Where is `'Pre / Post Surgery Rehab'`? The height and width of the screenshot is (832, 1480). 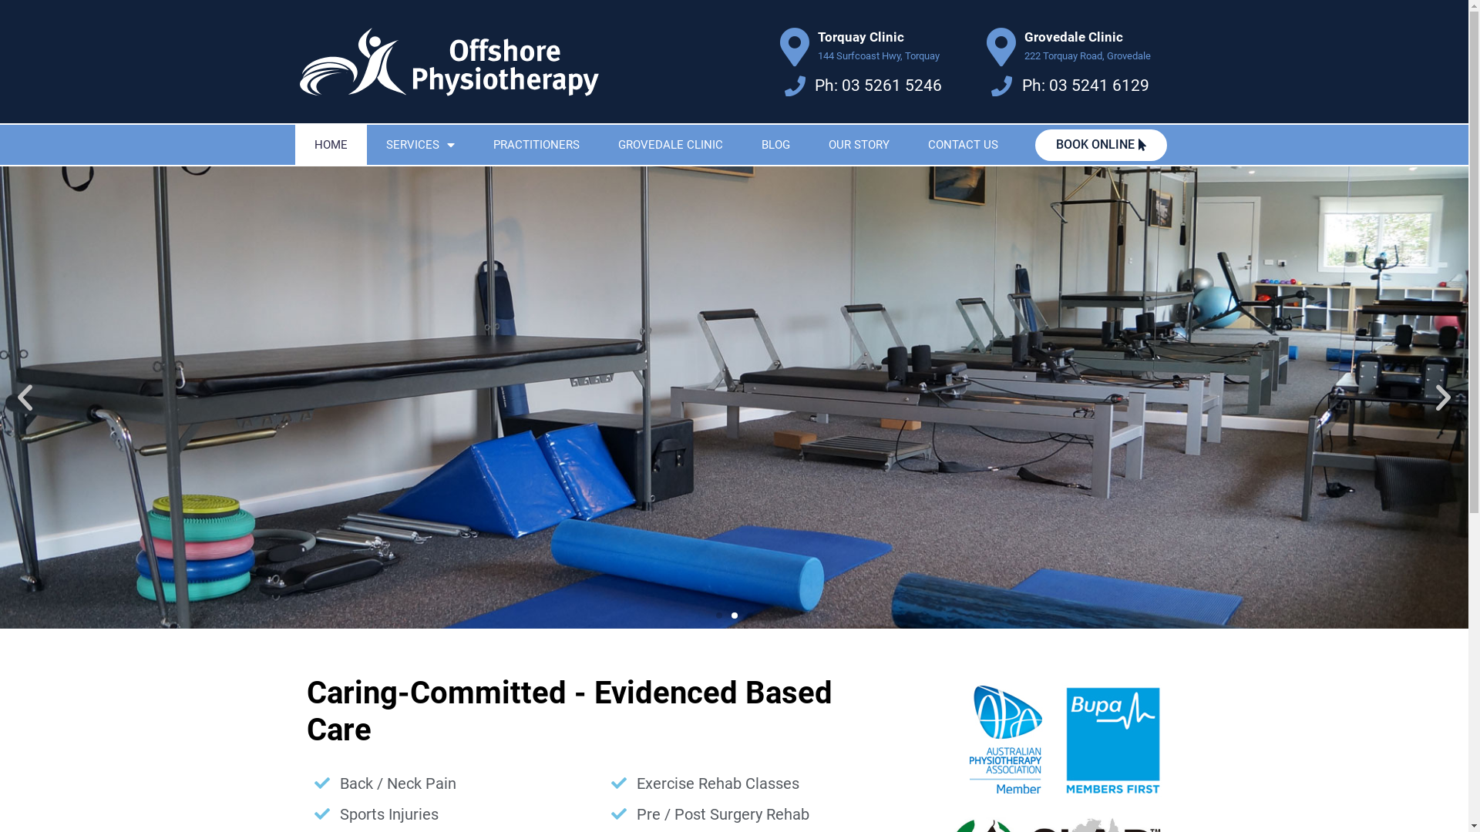 'Pre / Post Surgery Rehab' is located at coordinates (752, 813).